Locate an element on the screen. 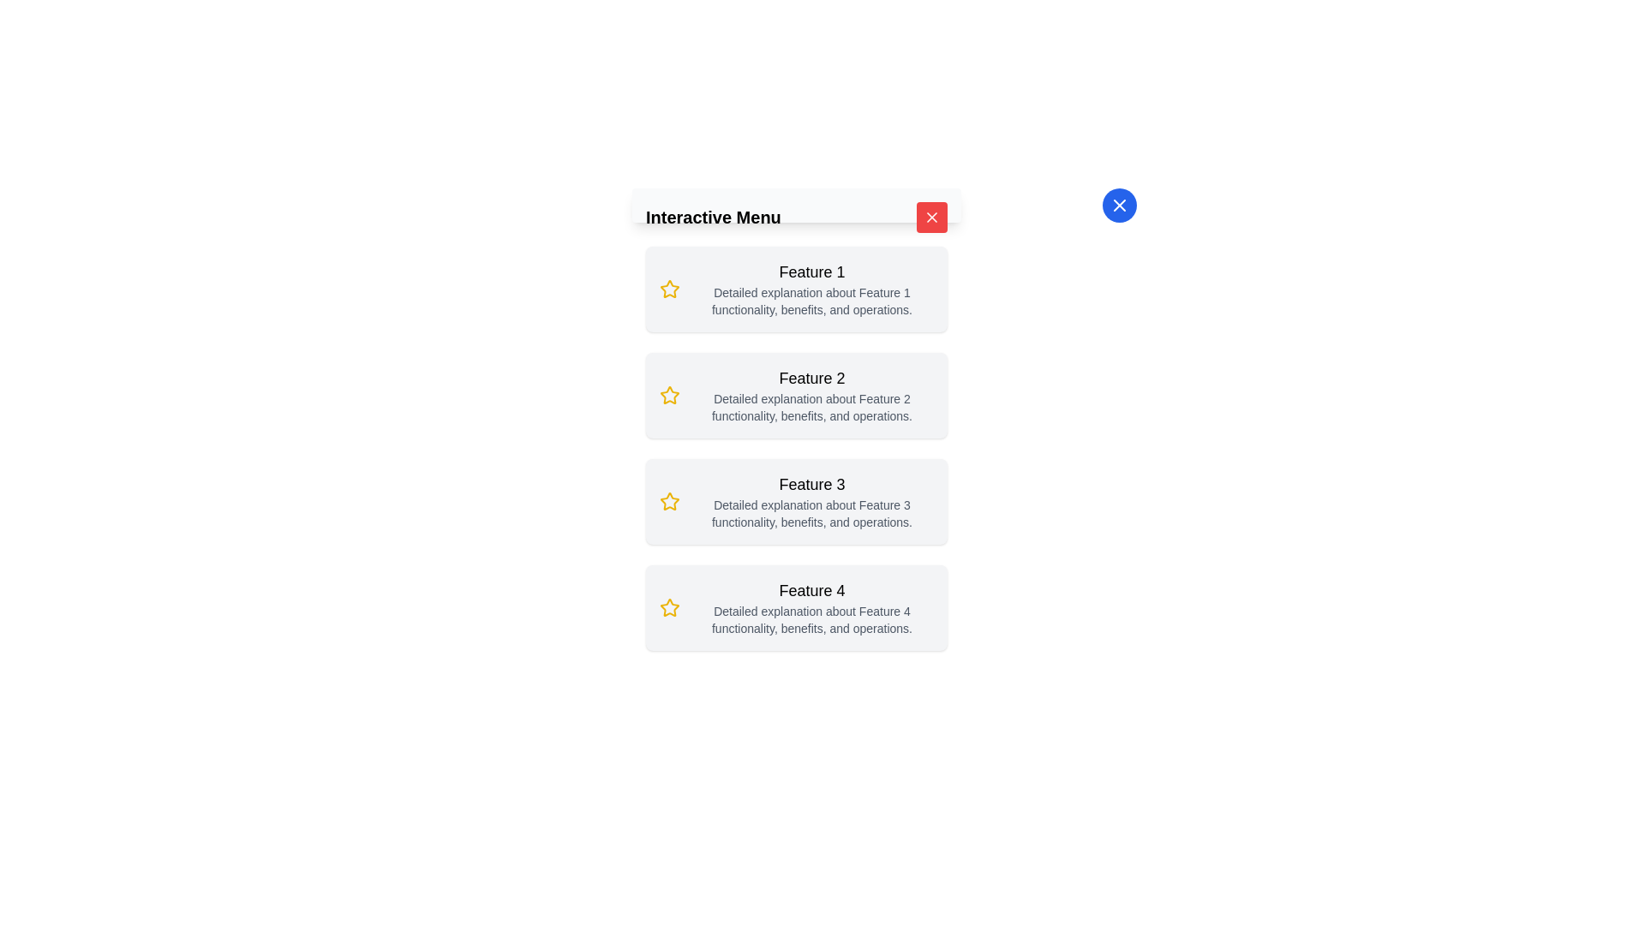 The width and height of the screenshot is (1645, 925). the first Textual Content Block in the 'Interactive Menu' that provides an overview of 'Feature 1', which is contained within a light gray rectangular card with rounded corners is located at coordinates (811, 289).